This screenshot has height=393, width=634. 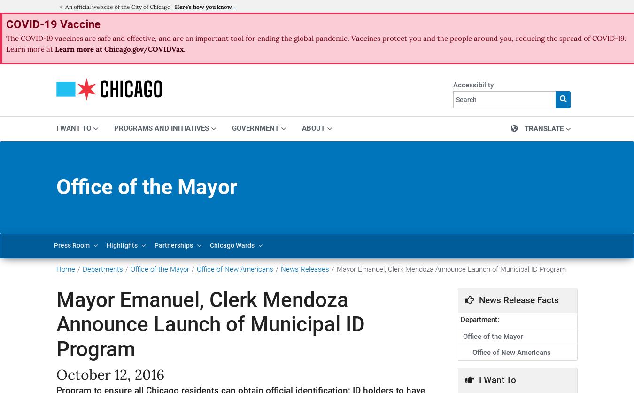 I want to click on 'Department:', so click(x=479, y=320).